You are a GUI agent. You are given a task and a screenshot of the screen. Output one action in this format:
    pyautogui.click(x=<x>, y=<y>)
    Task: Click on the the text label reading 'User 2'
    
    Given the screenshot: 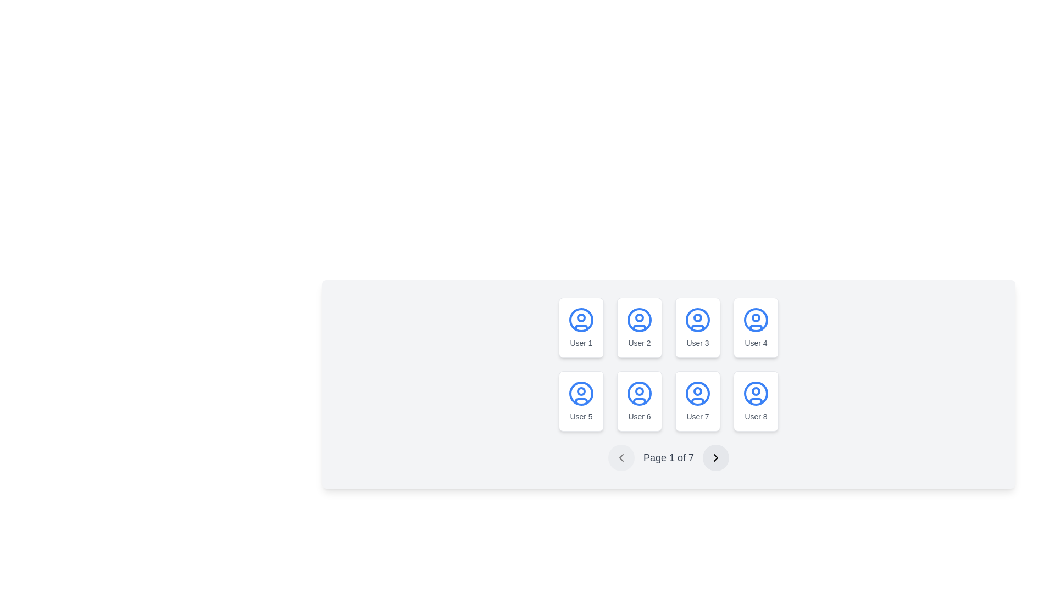 What is the action you would take?
    pyautogui.click(x=639, y=342)
    